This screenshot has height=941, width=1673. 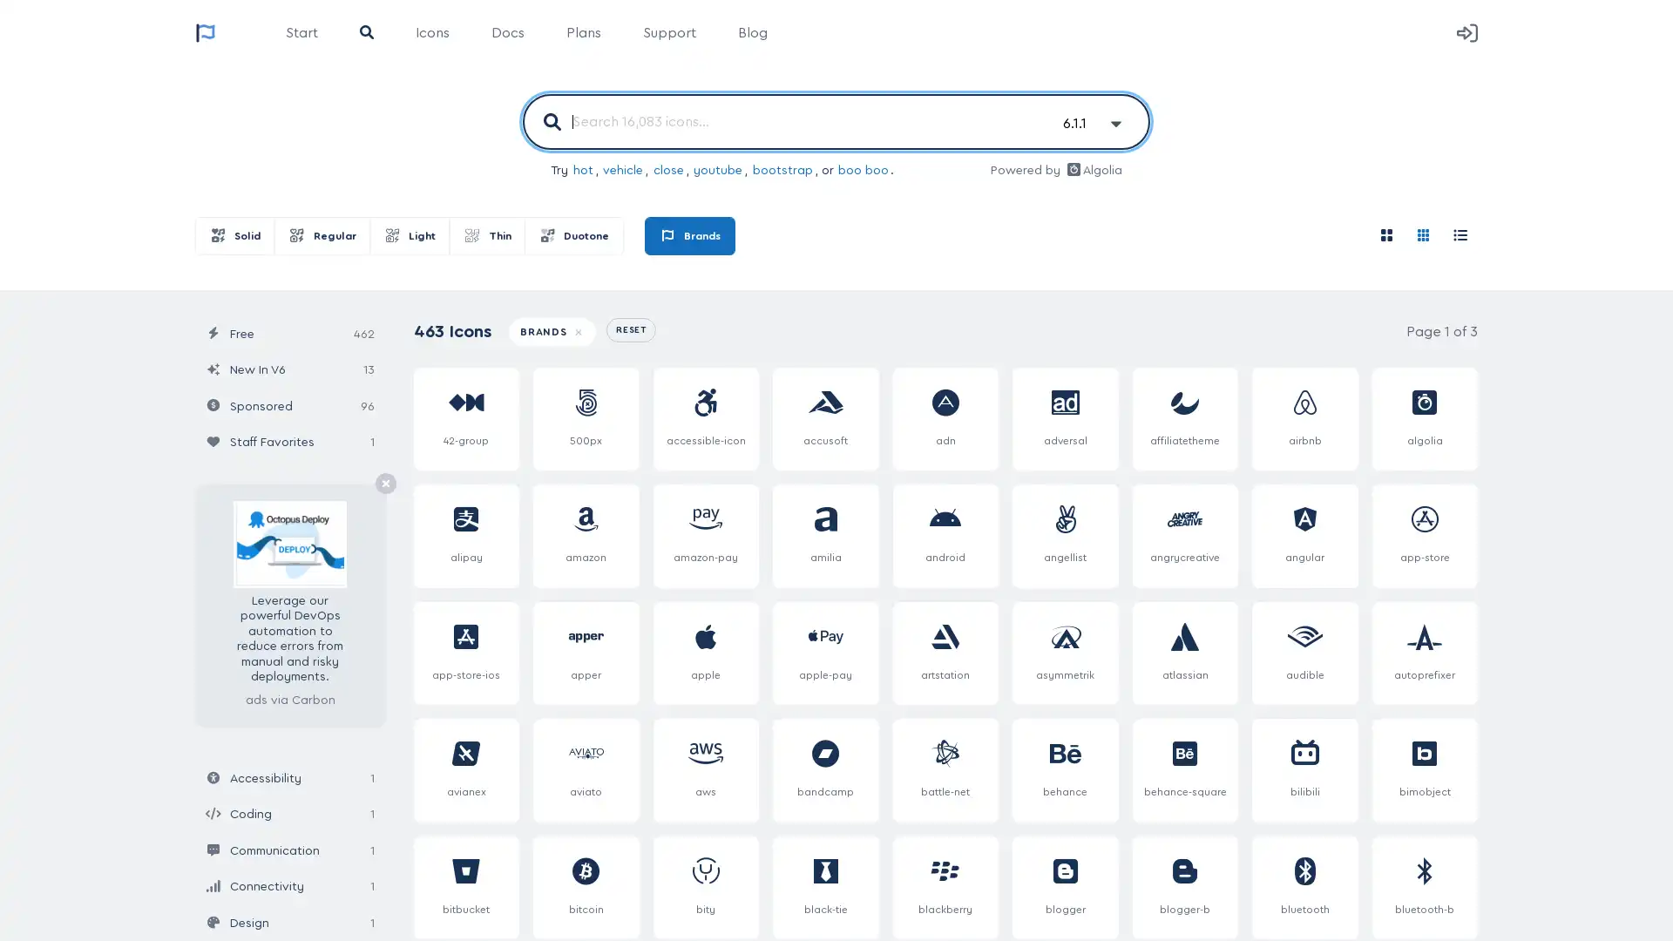 What do you see at coordinates (465, 665) in the screenshot?
I see `app-store-ios` at bounding box center [465, 665].